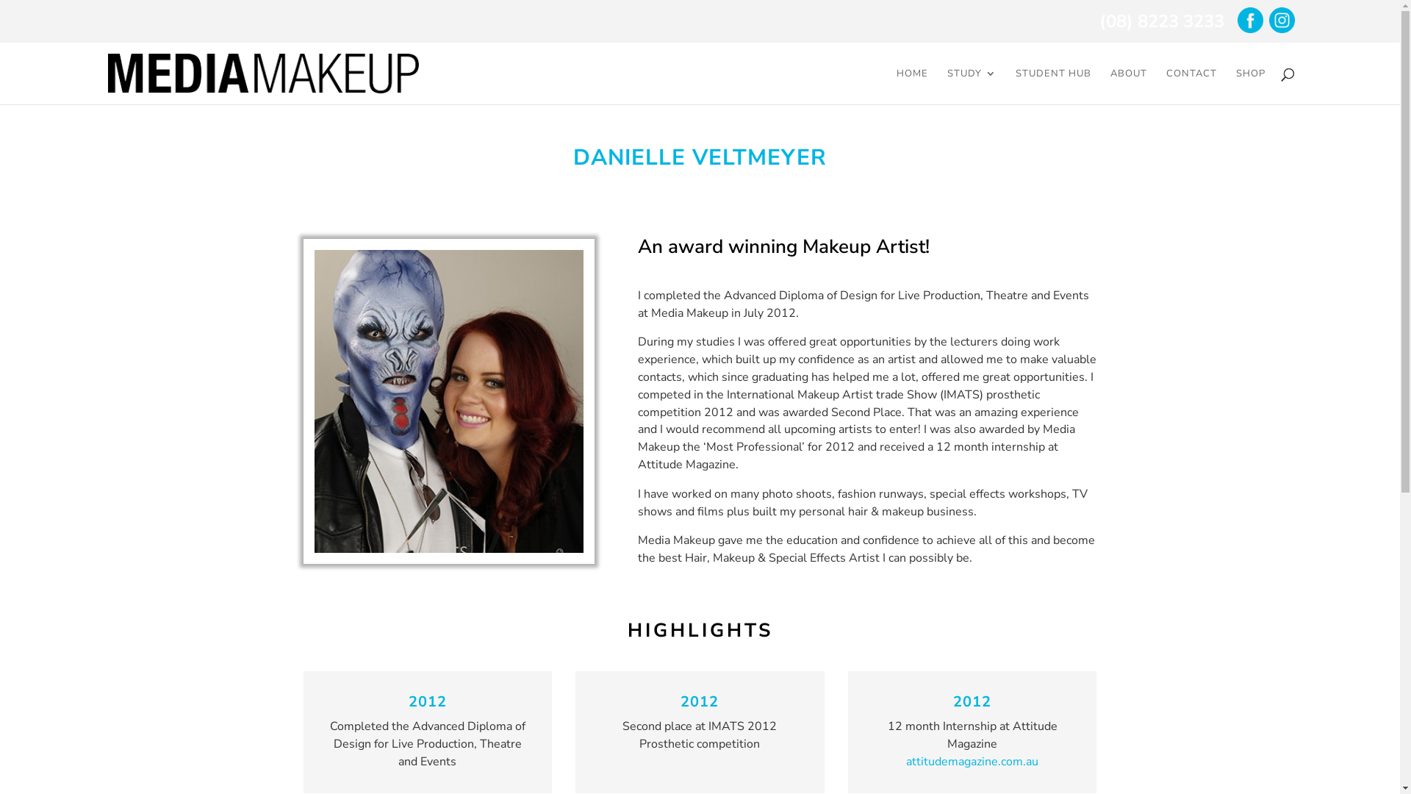  Describe the element at coordinates (1191, 86) in the screenshot. I see `'CONTACT'` at that location.